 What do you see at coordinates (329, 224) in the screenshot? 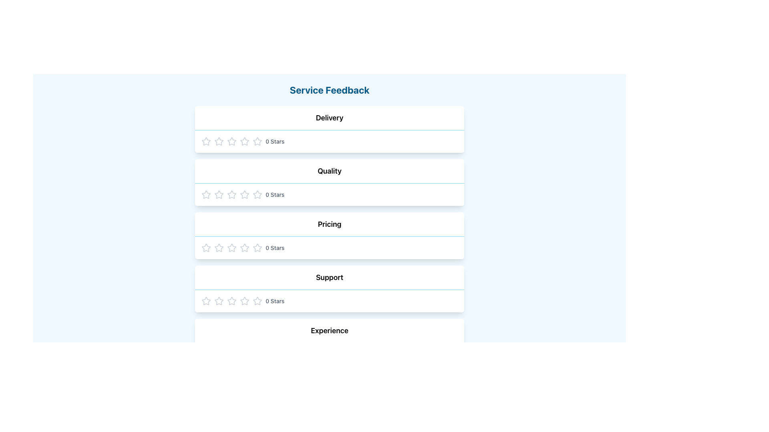
I see `the 'Pricing' text label, which is bold and located centrally in the third feedback item section between 'Quality' and 'Support'` at bounding box center [329, 224].